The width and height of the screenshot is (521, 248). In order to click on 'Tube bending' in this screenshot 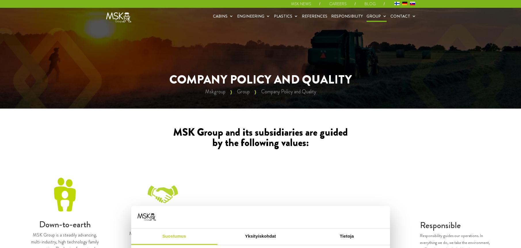, I will do `click(238, 43)`.